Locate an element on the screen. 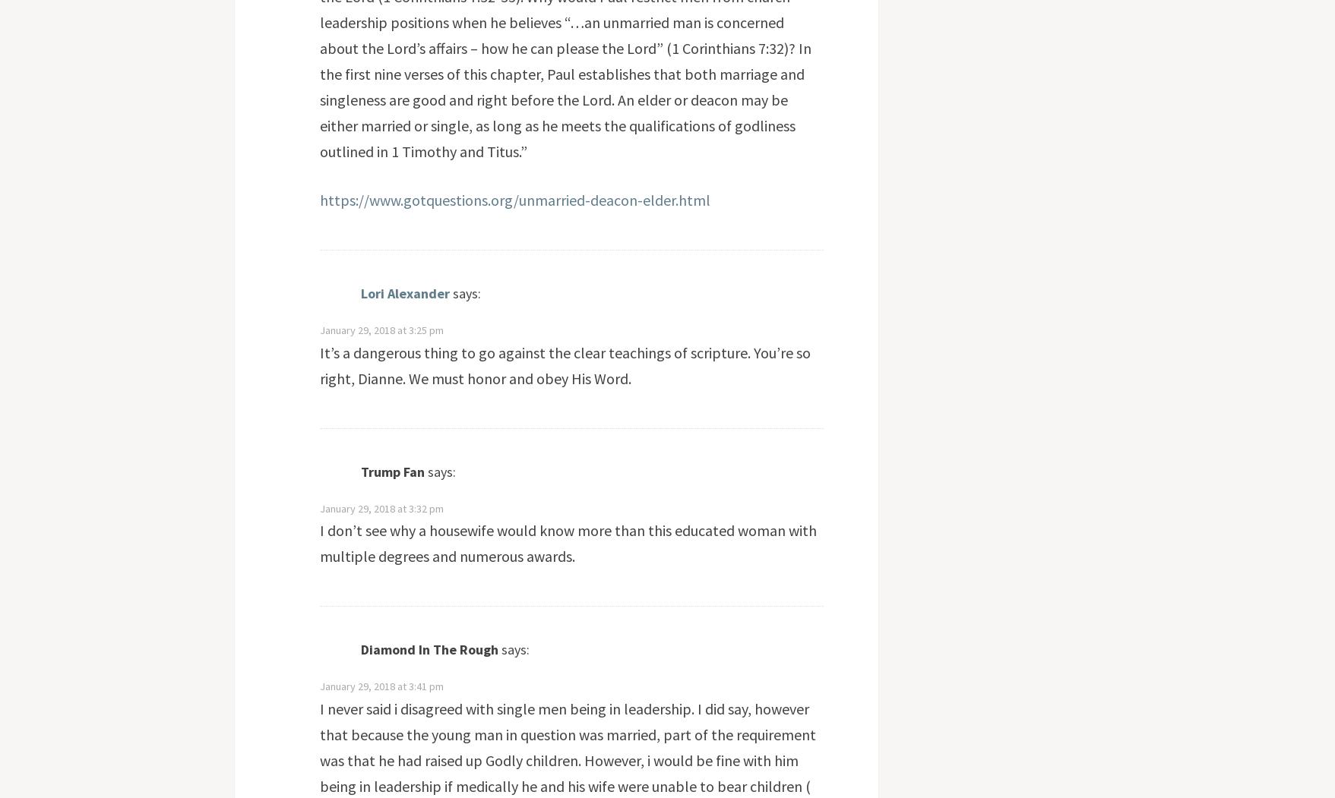  'January 29, 2018 at 3:41 pm' is located at coordinates (380, 686).